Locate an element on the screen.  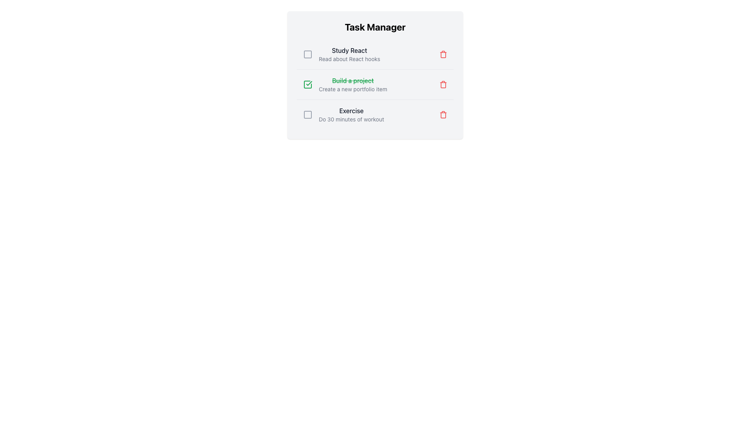
the checkbox of the first task item in the to-do list titled 'Study React' to mark the task as complete is located at coordinates (375, 54).